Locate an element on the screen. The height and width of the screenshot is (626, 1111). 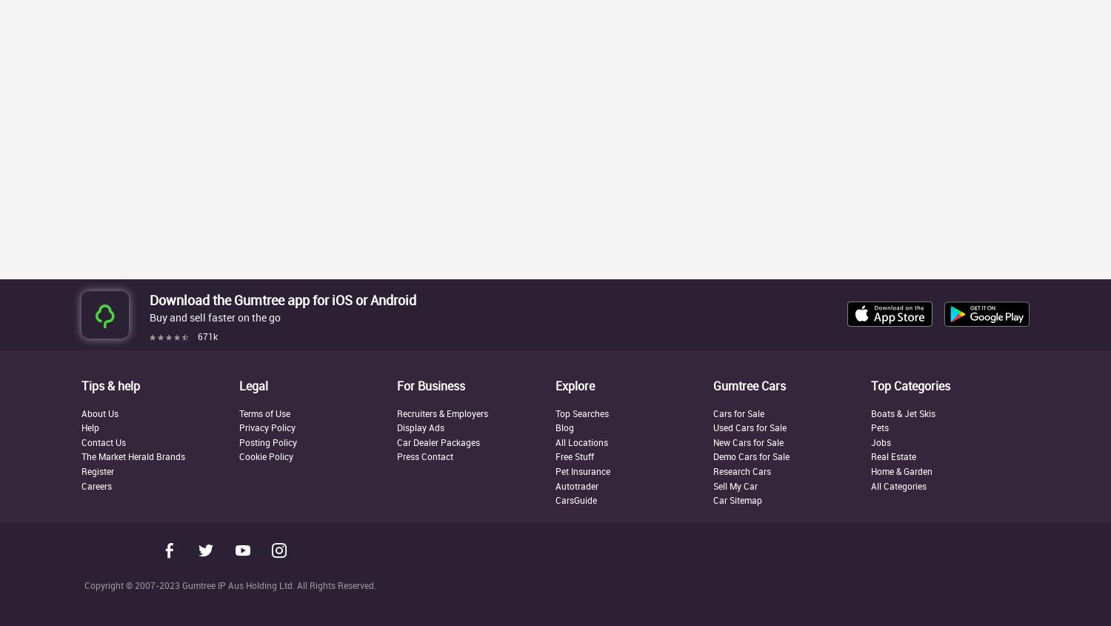
'Display Ads' is located at coordinates (420, 426).